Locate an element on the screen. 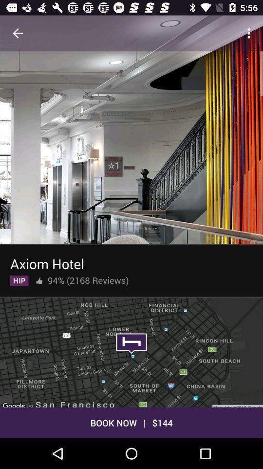 This screenshot has width=263, height=469. icon below the axiom hotel item is located at coordinates (19, 278).